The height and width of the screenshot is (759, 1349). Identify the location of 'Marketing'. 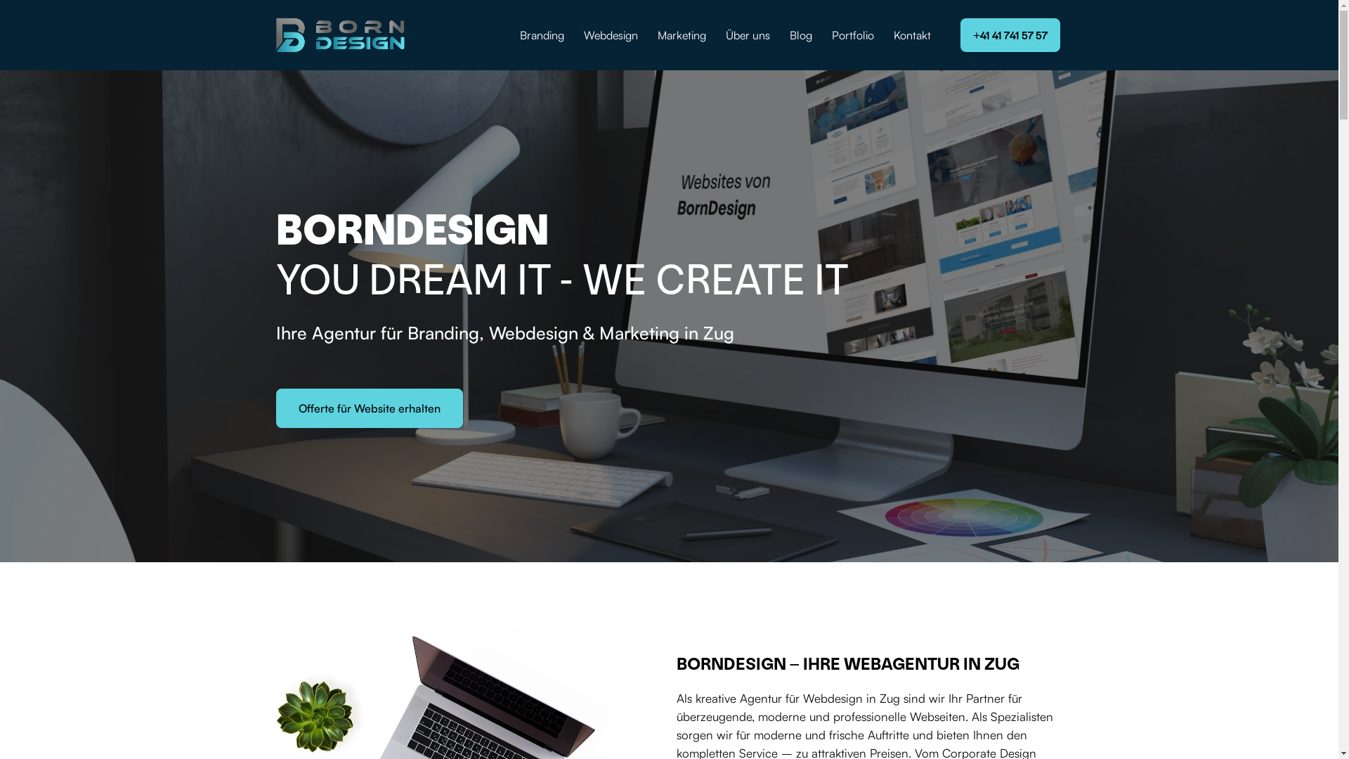
(646, 34).